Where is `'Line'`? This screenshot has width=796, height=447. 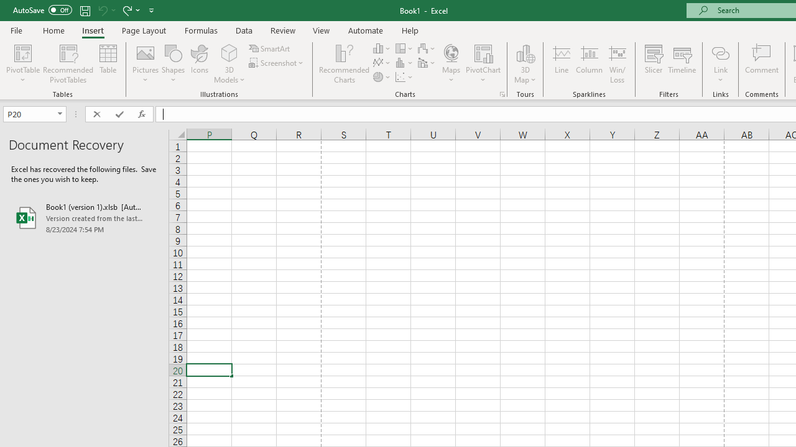
'Line' is located at coordinates (561, 64).